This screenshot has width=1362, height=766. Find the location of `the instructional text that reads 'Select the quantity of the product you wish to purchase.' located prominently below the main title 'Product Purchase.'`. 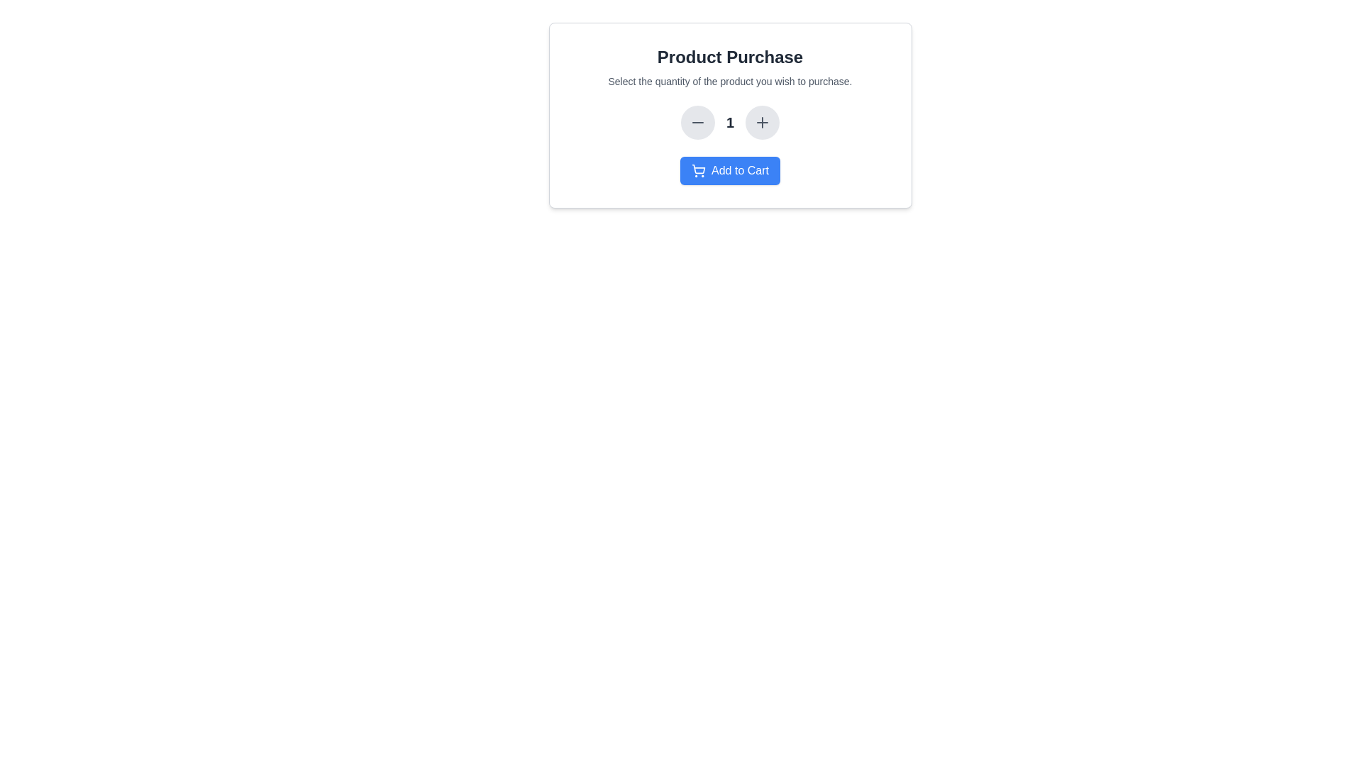

the instructional text that reads 'Select the quantity of the product you wish to purchase.' located prominently below the main title 'Product Purchase.' is located at coordinates (730, 82).